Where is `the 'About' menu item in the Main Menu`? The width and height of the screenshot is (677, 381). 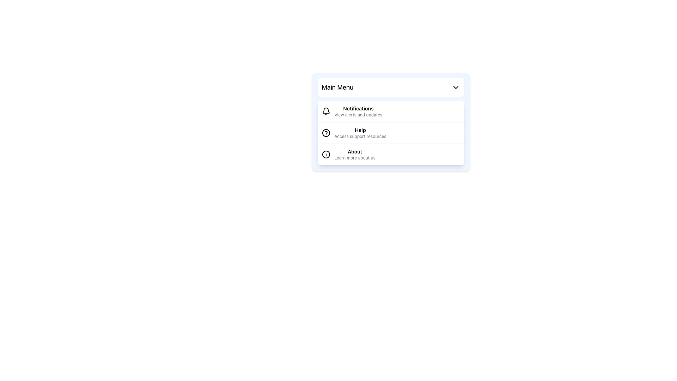 the 'About' menu item in the Main Menu is located at coordinates (355, 154).